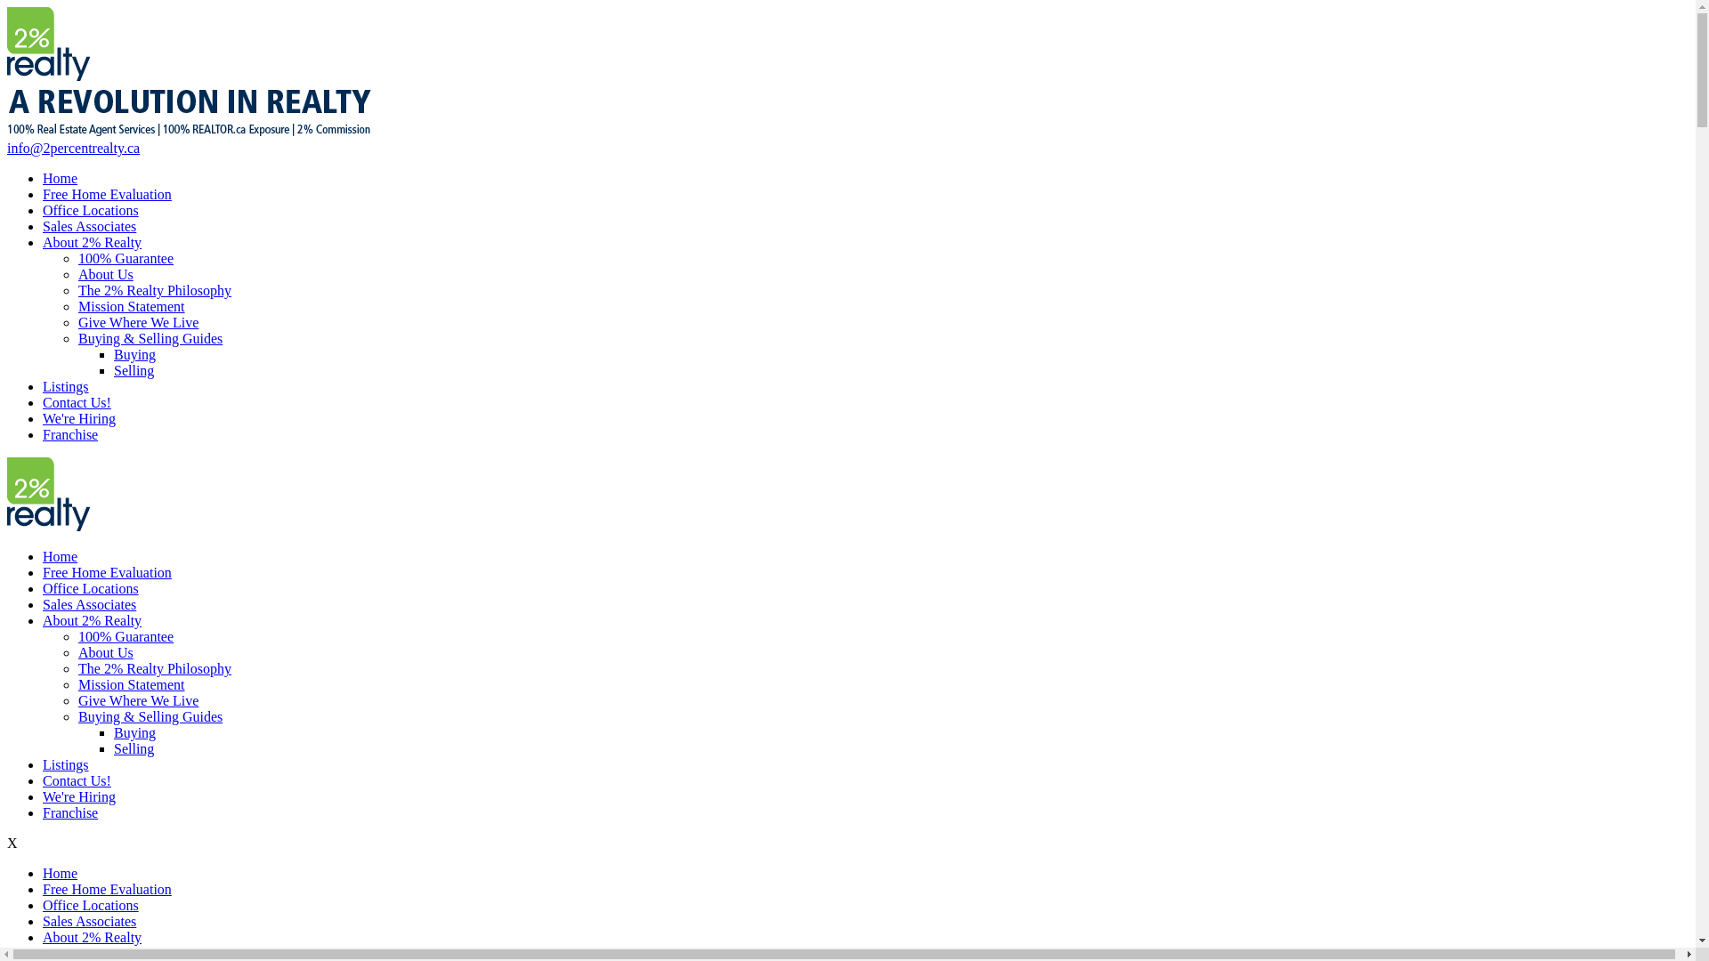 This screenshot has width=1709, height=961. I want to click on 'Free Home Evaluation', so click(106, 889).